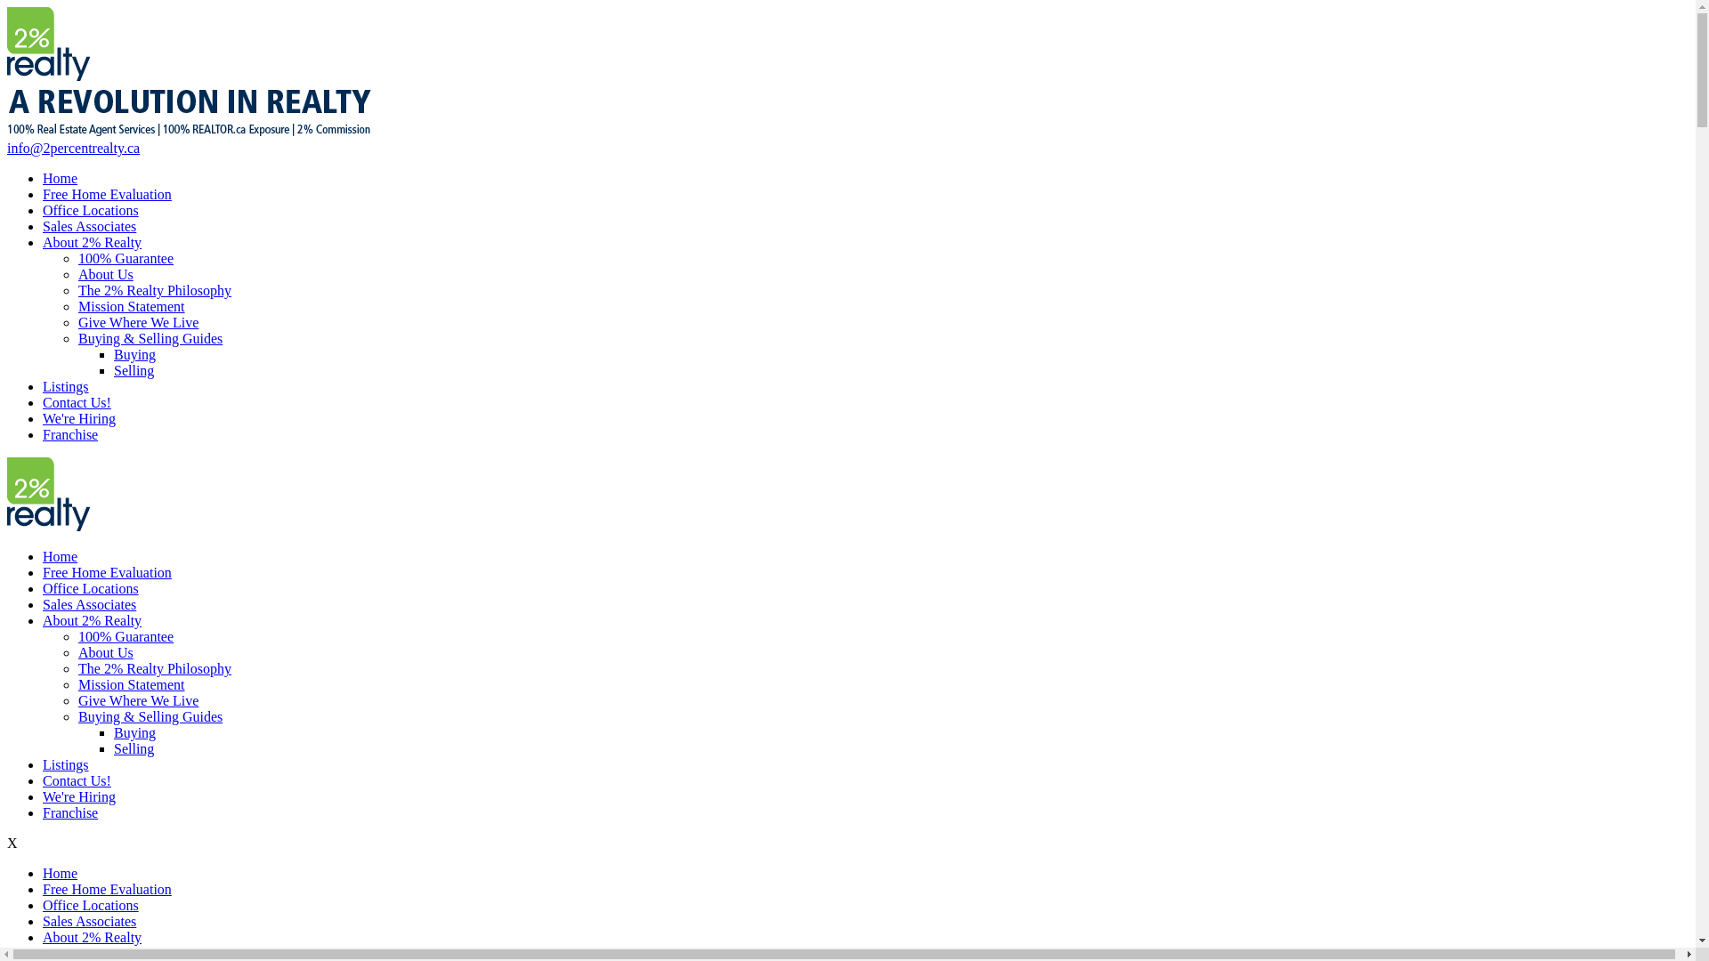 This screenshot has width=1709, height=961. I want to click on 'Free Home Evaluation', so click(106, 889).